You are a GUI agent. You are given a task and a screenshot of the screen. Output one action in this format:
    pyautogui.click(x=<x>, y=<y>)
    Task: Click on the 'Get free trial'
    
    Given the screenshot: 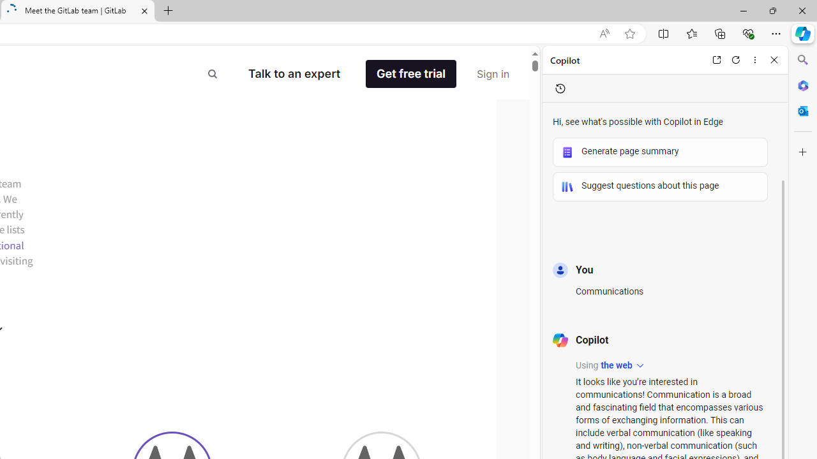 What is the action you would take?
    pyautogui.click(x=411, y=74)
    